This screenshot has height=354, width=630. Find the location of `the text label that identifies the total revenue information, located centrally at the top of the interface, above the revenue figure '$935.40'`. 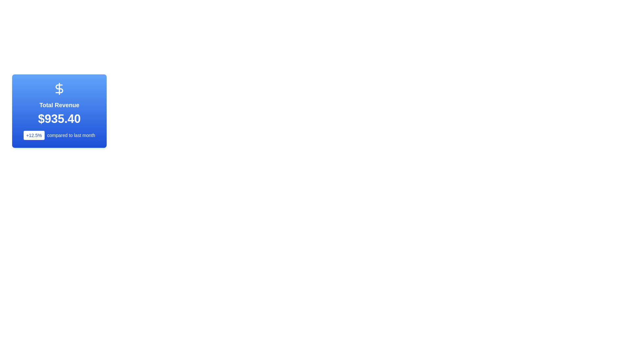

the text label that identifies the total revenue information, located centrally at the top of the interface, above the revenue figure '$935.40' is located at coordinates (59, 105).